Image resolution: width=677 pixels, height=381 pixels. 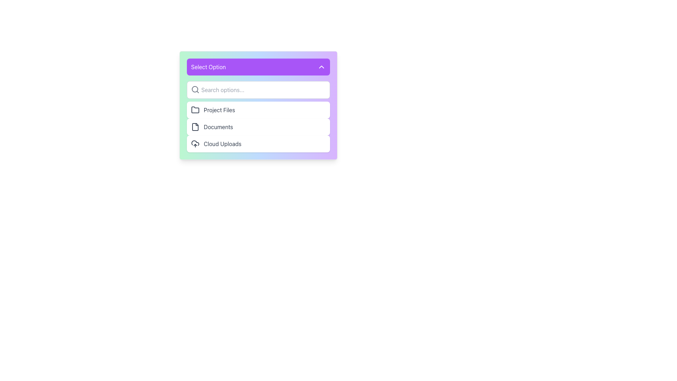 What do you see at coordinates (195, 126) in the screenshot?
I see `the file icon, which is a thin-lined, rectangular outline with a folded corner, located to the left of the 'Documents' text` at bounding box center [195, 126].